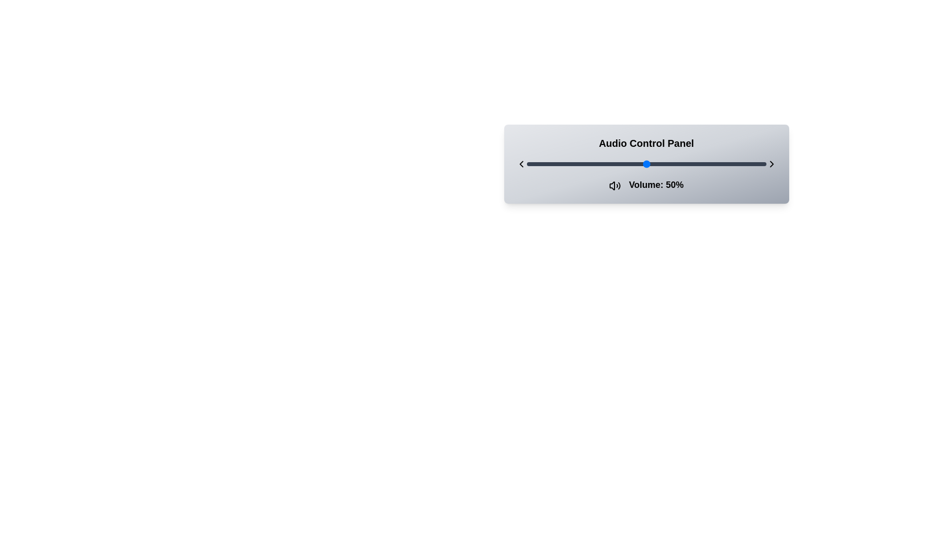  What do you see at coordinates (543, 163) in the screenshot?
I see `the volume` at bounding box center [543, 163].